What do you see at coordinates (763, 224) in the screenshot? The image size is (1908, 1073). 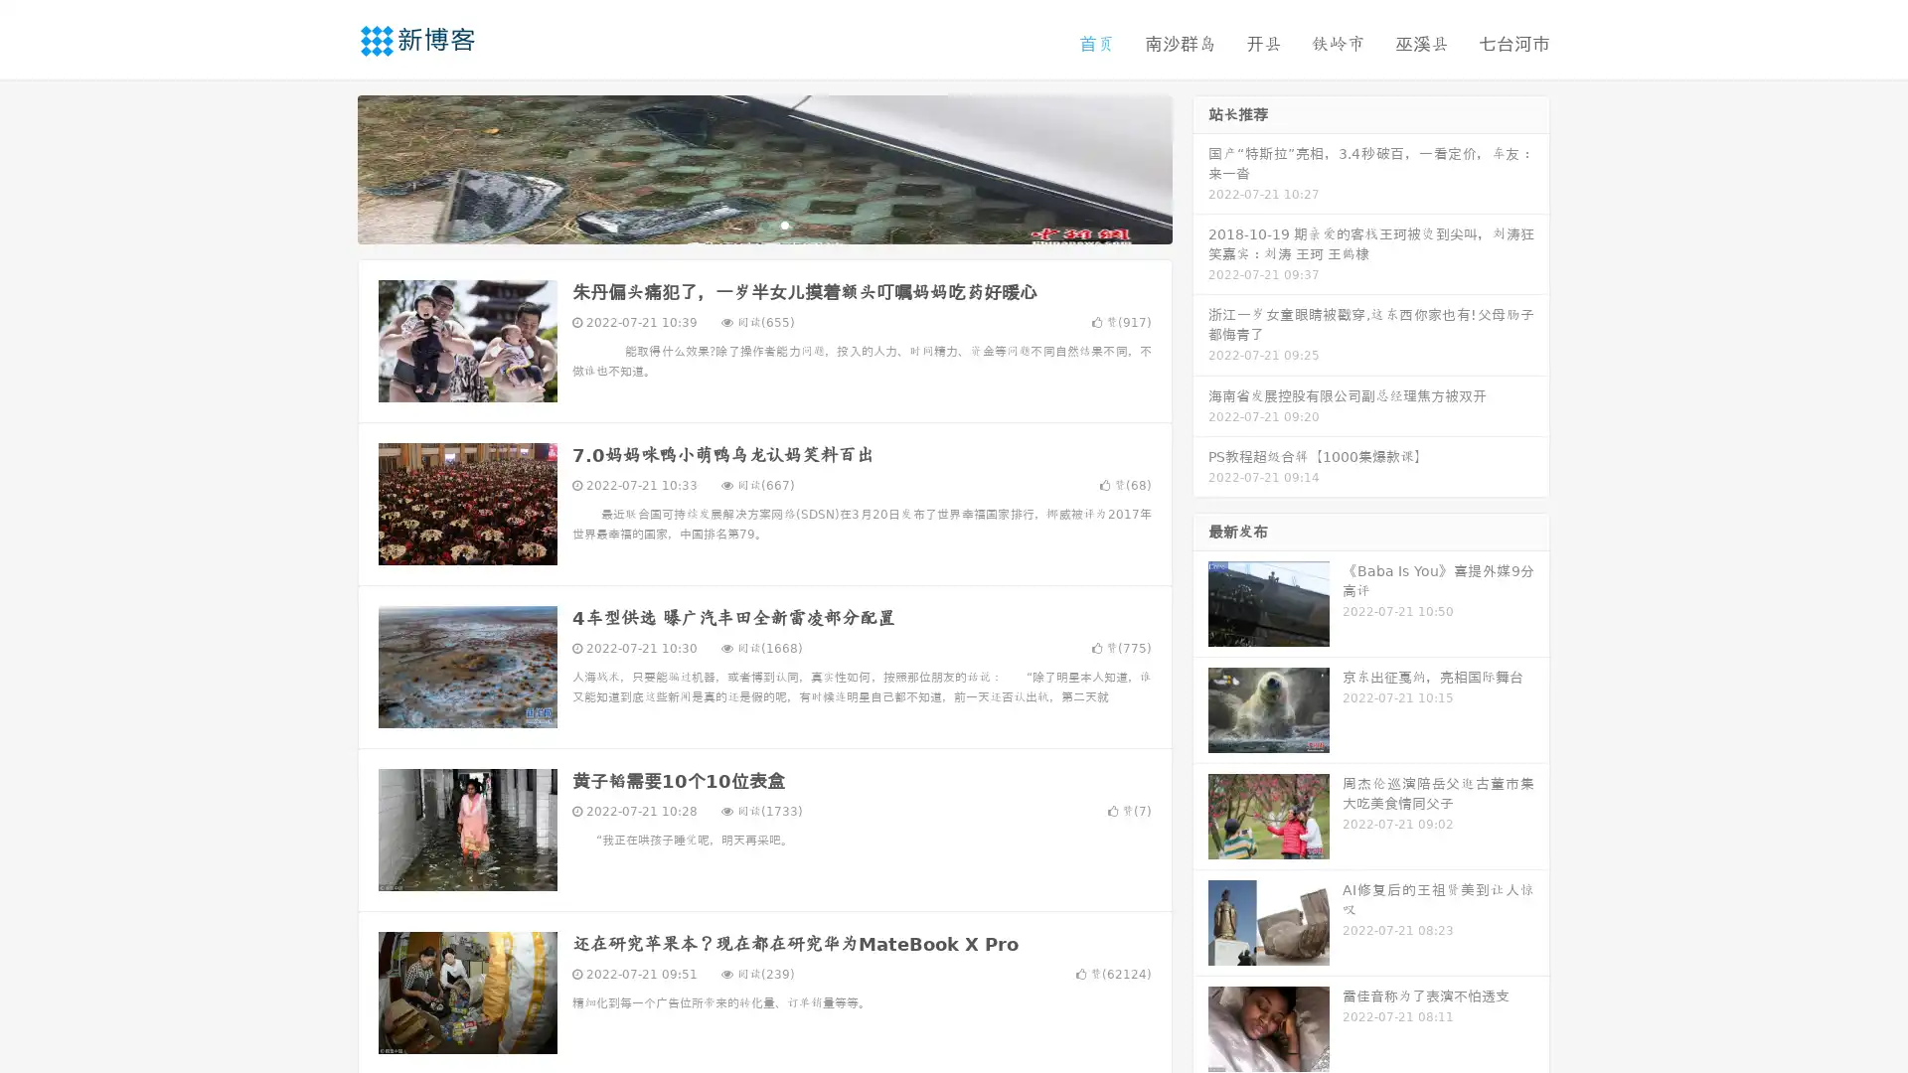 I see `Go to slide 2` at bounding box center [763, 224].